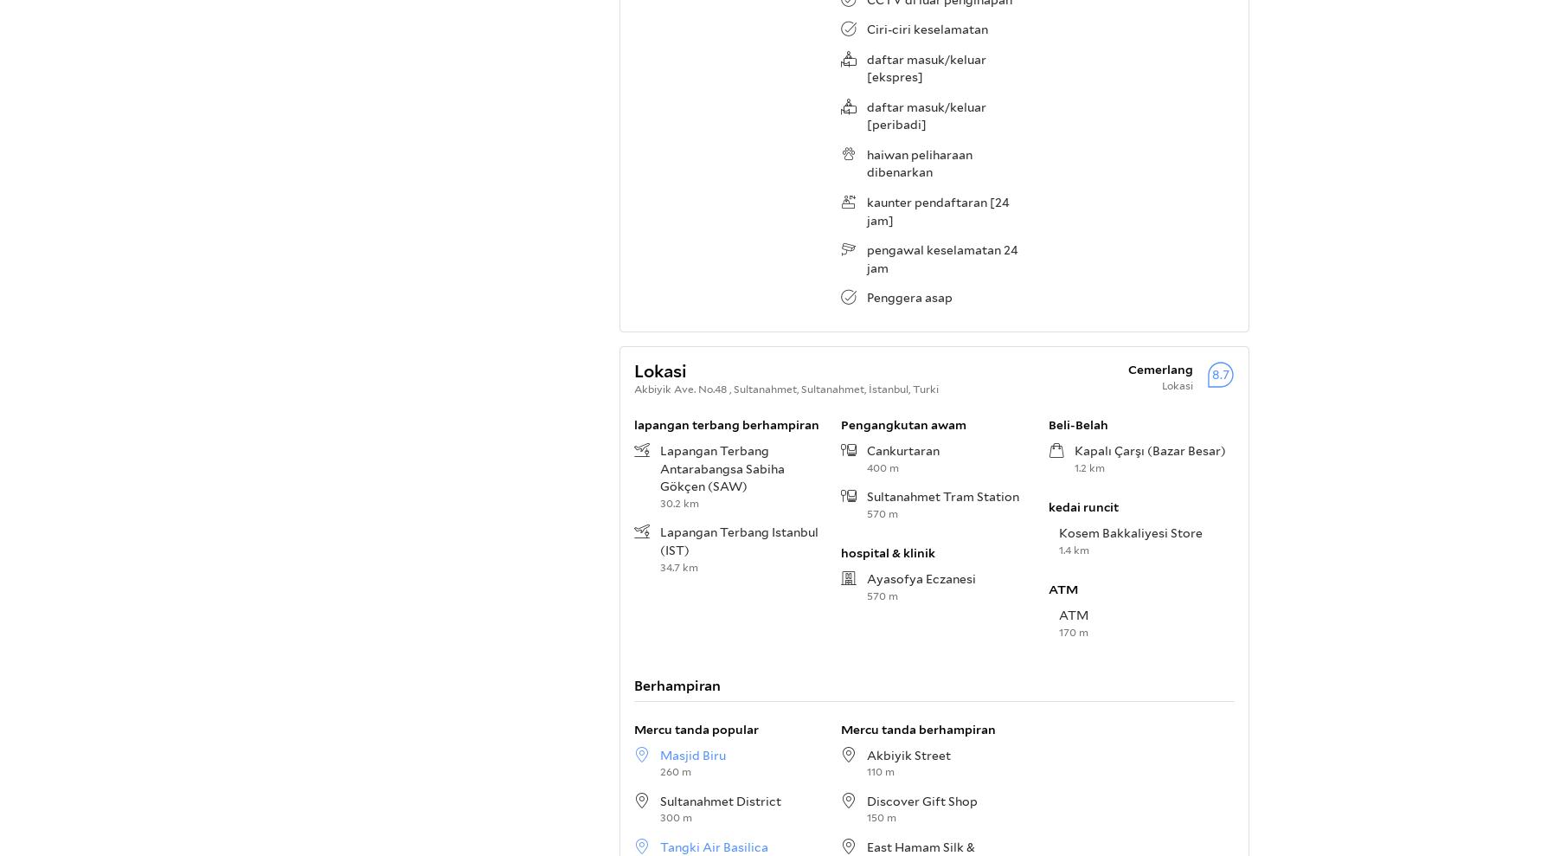 The width and height of the screenshot is (1547, 856). What do you see at coordinates (658, 800) in the screenshot?
I see `'Sultanahmet District'` at bounding box center [658, 800].